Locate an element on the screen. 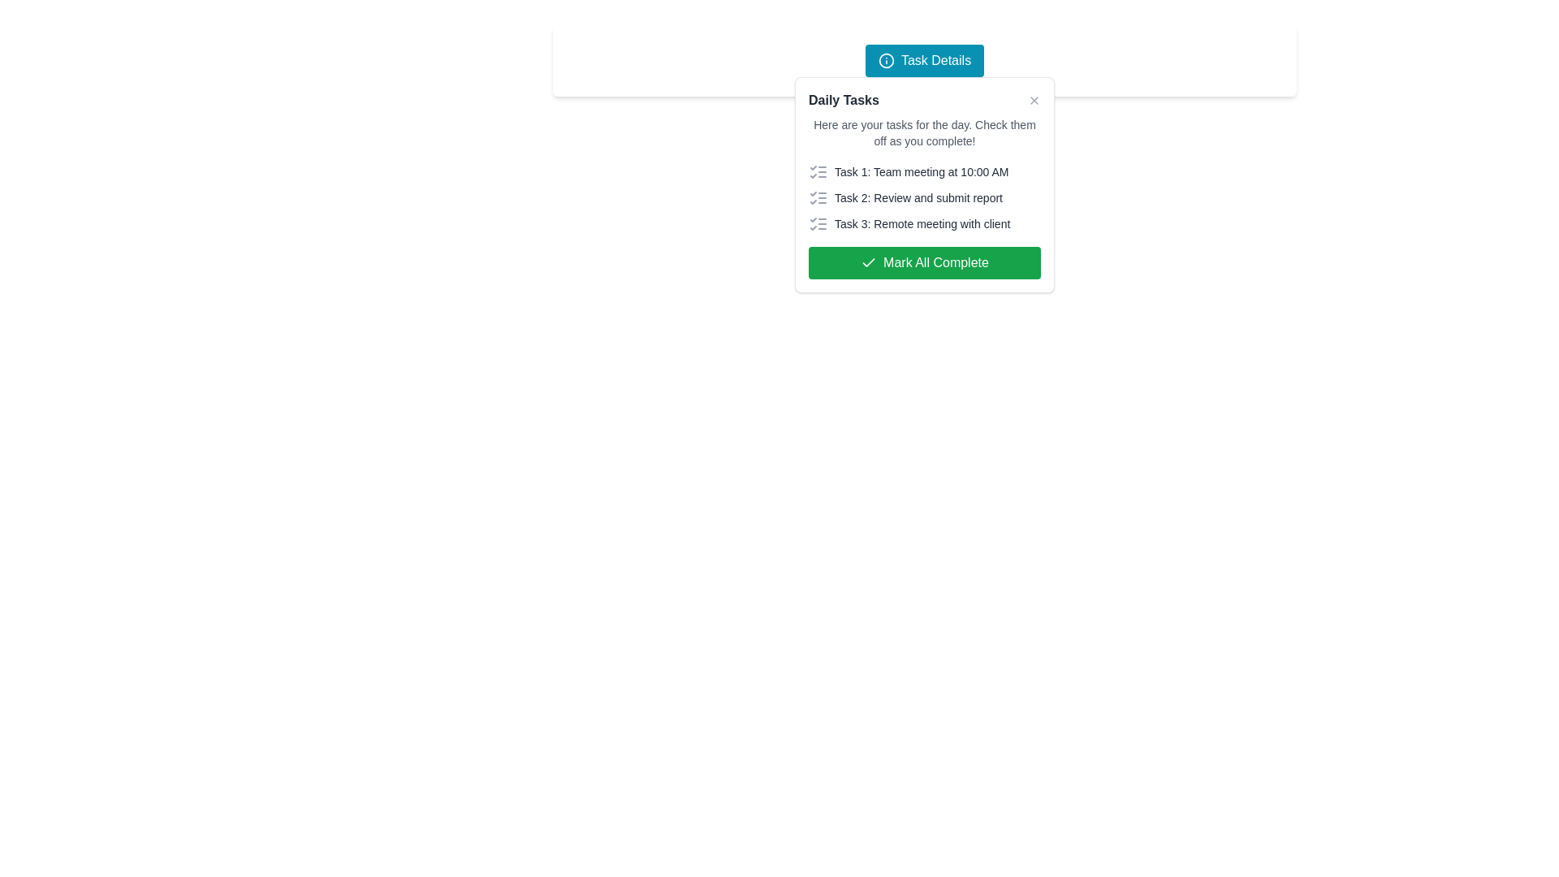 This screenshot has height=877, width=1559. the checkmark icon within the SVG element that indicates task completion, located in the task list interface is located at coordinates (868, 261).